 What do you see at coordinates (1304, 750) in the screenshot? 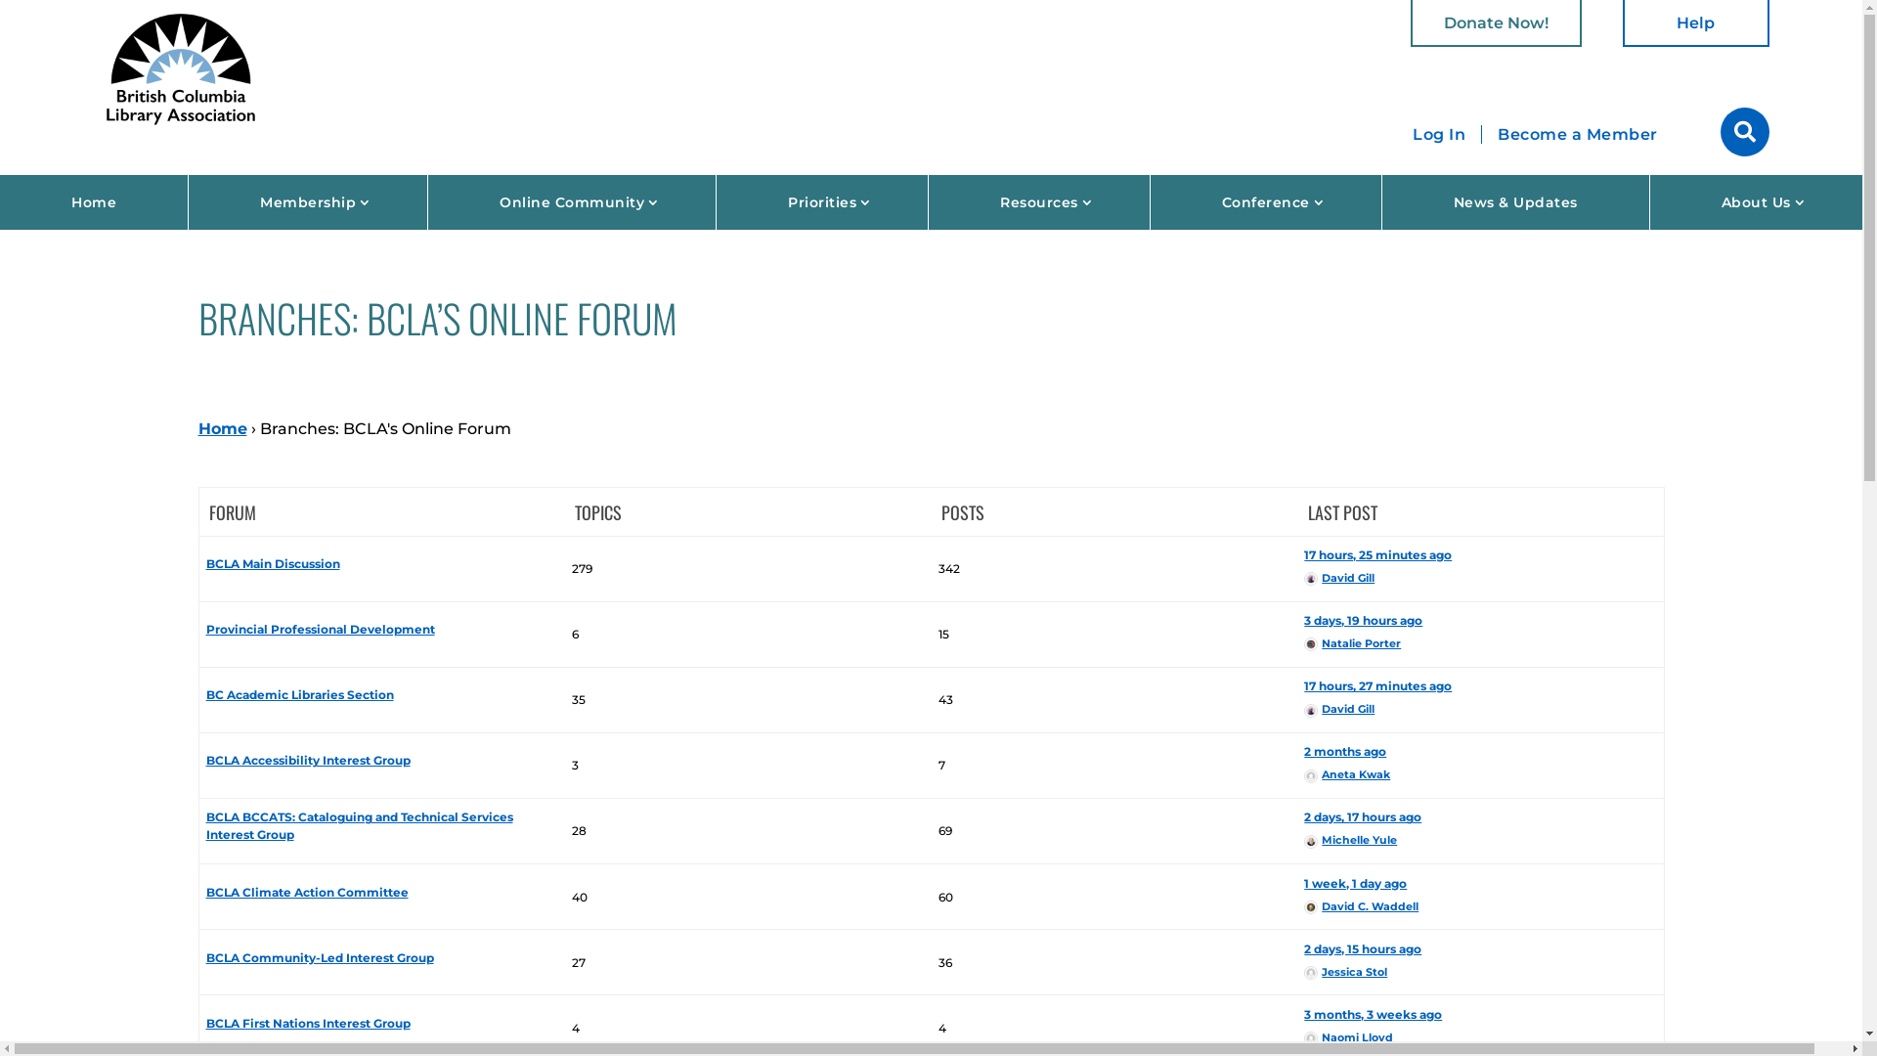
I see `'2 months ago'` at bounding box center [1304, 750].